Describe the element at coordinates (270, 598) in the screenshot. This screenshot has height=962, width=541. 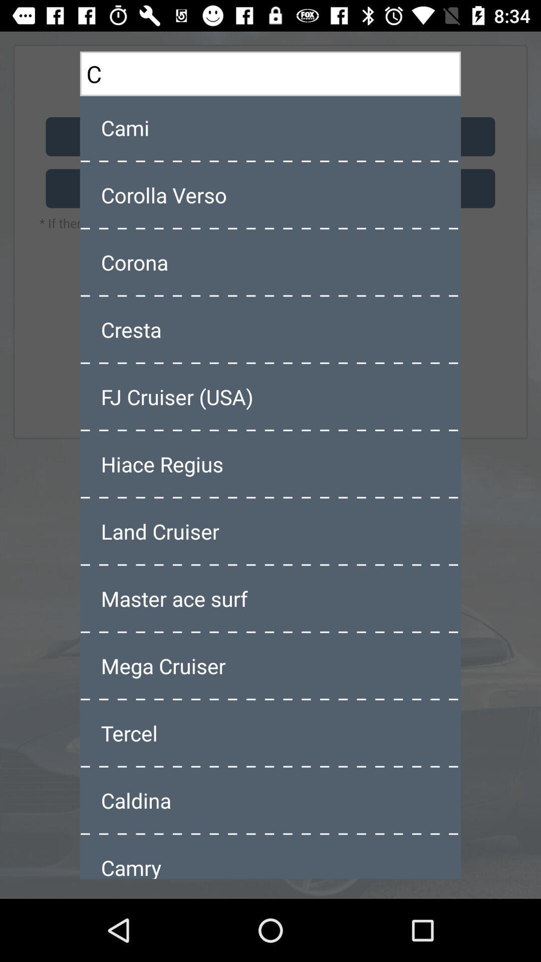
I see `item below land cruiser icon` at that location.